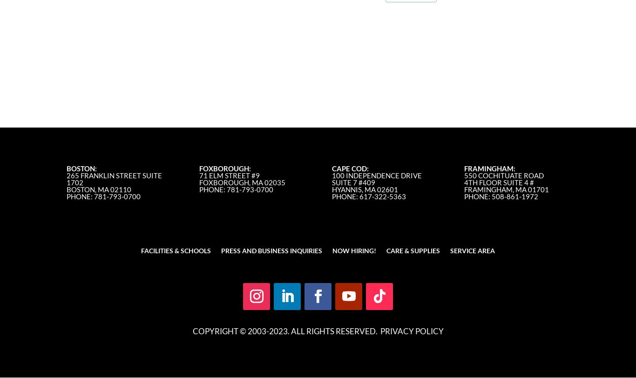 The image size is (636, 378). I want to click on 'Cape Cod:', so click(350, 168).